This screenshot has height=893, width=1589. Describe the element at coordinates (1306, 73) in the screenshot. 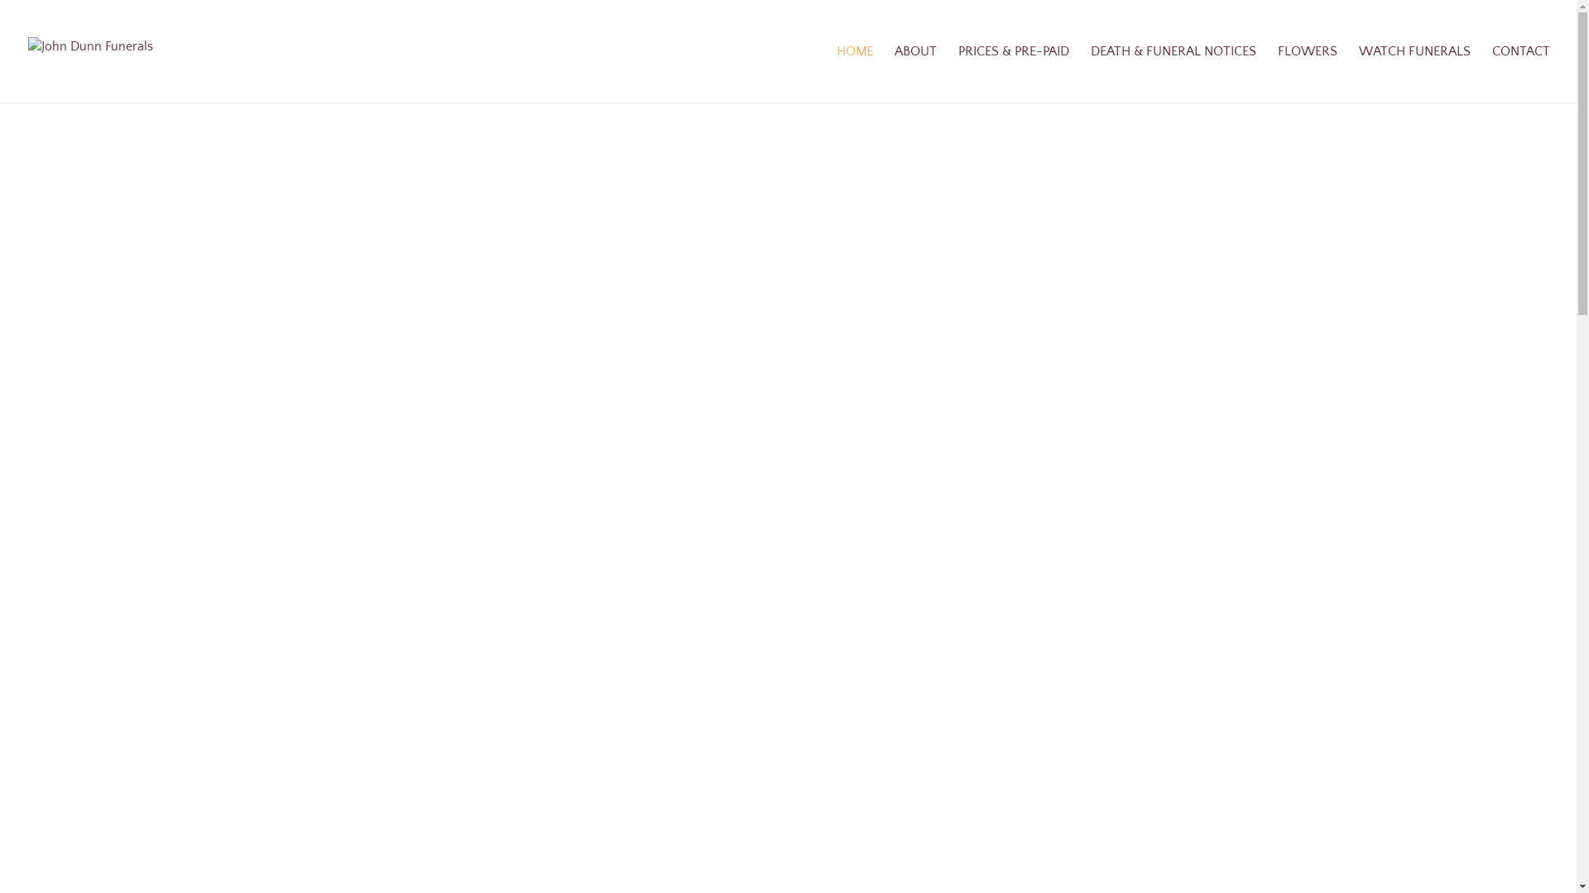

I see `'FLOWERS'` at that location.